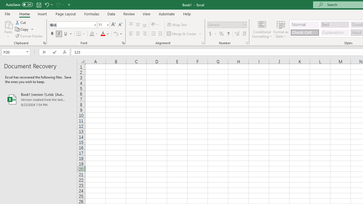 This screenshot has width=363, height=204. I want to click on 'Decrease Decimal', so click(244, 34).